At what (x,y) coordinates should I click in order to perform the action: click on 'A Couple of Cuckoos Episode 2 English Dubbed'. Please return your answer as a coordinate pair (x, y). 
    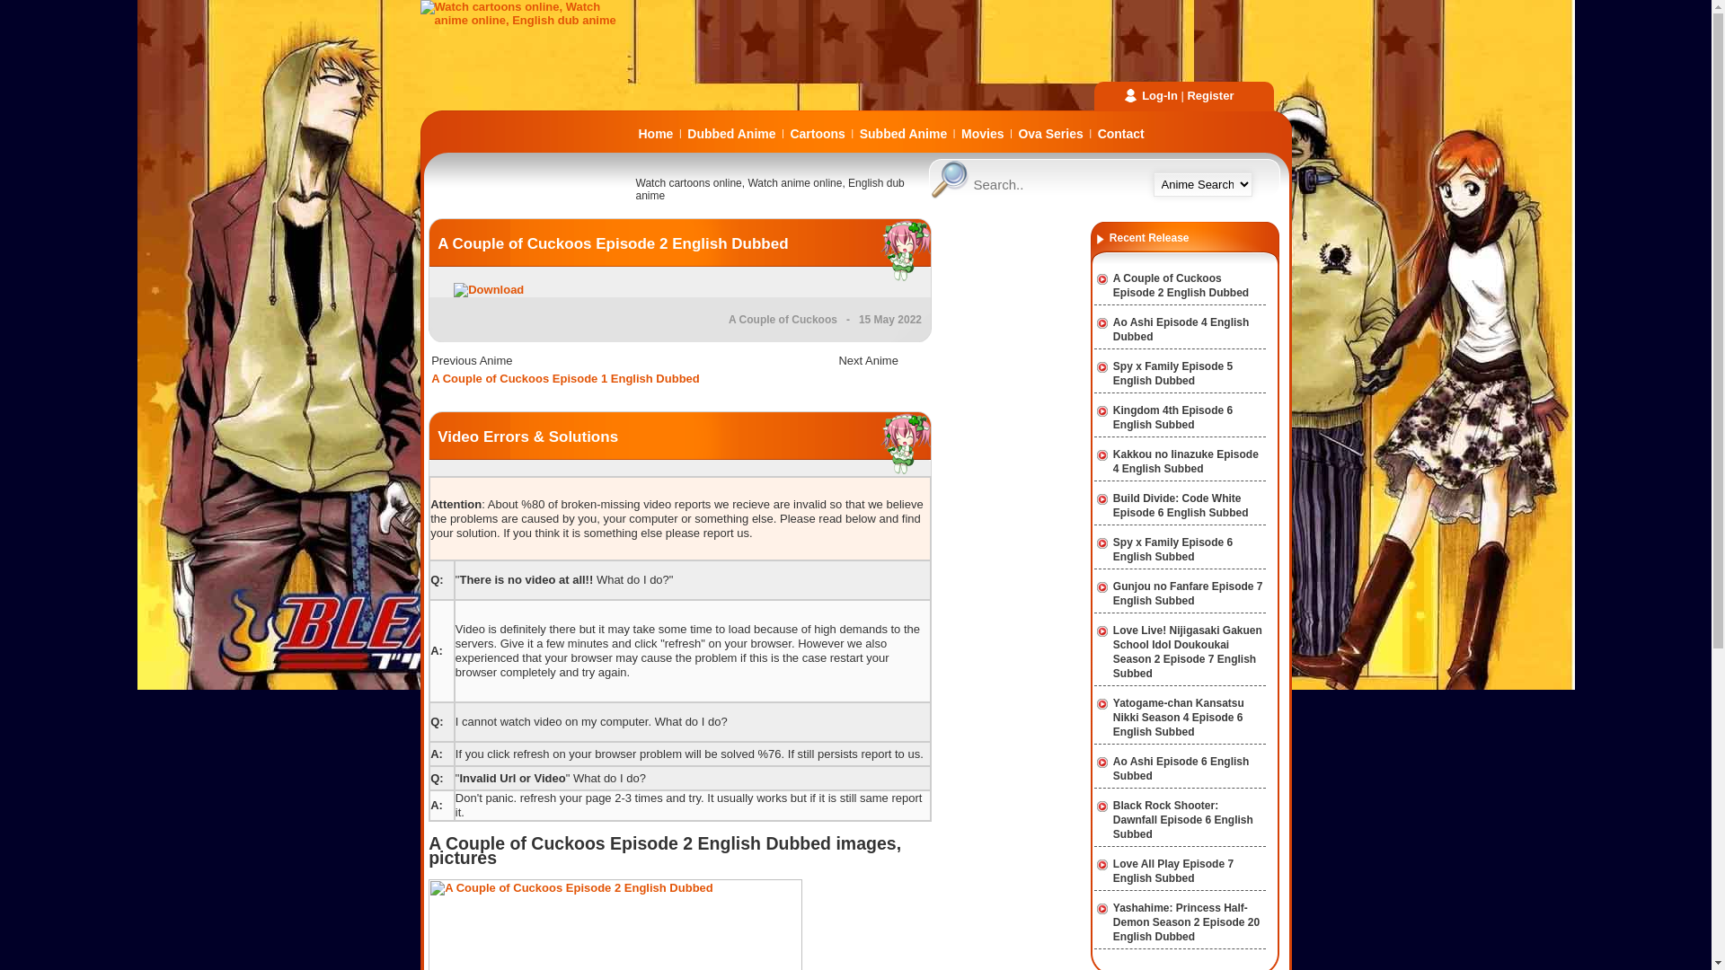
    Looking at the image, I should click on (612, 243).